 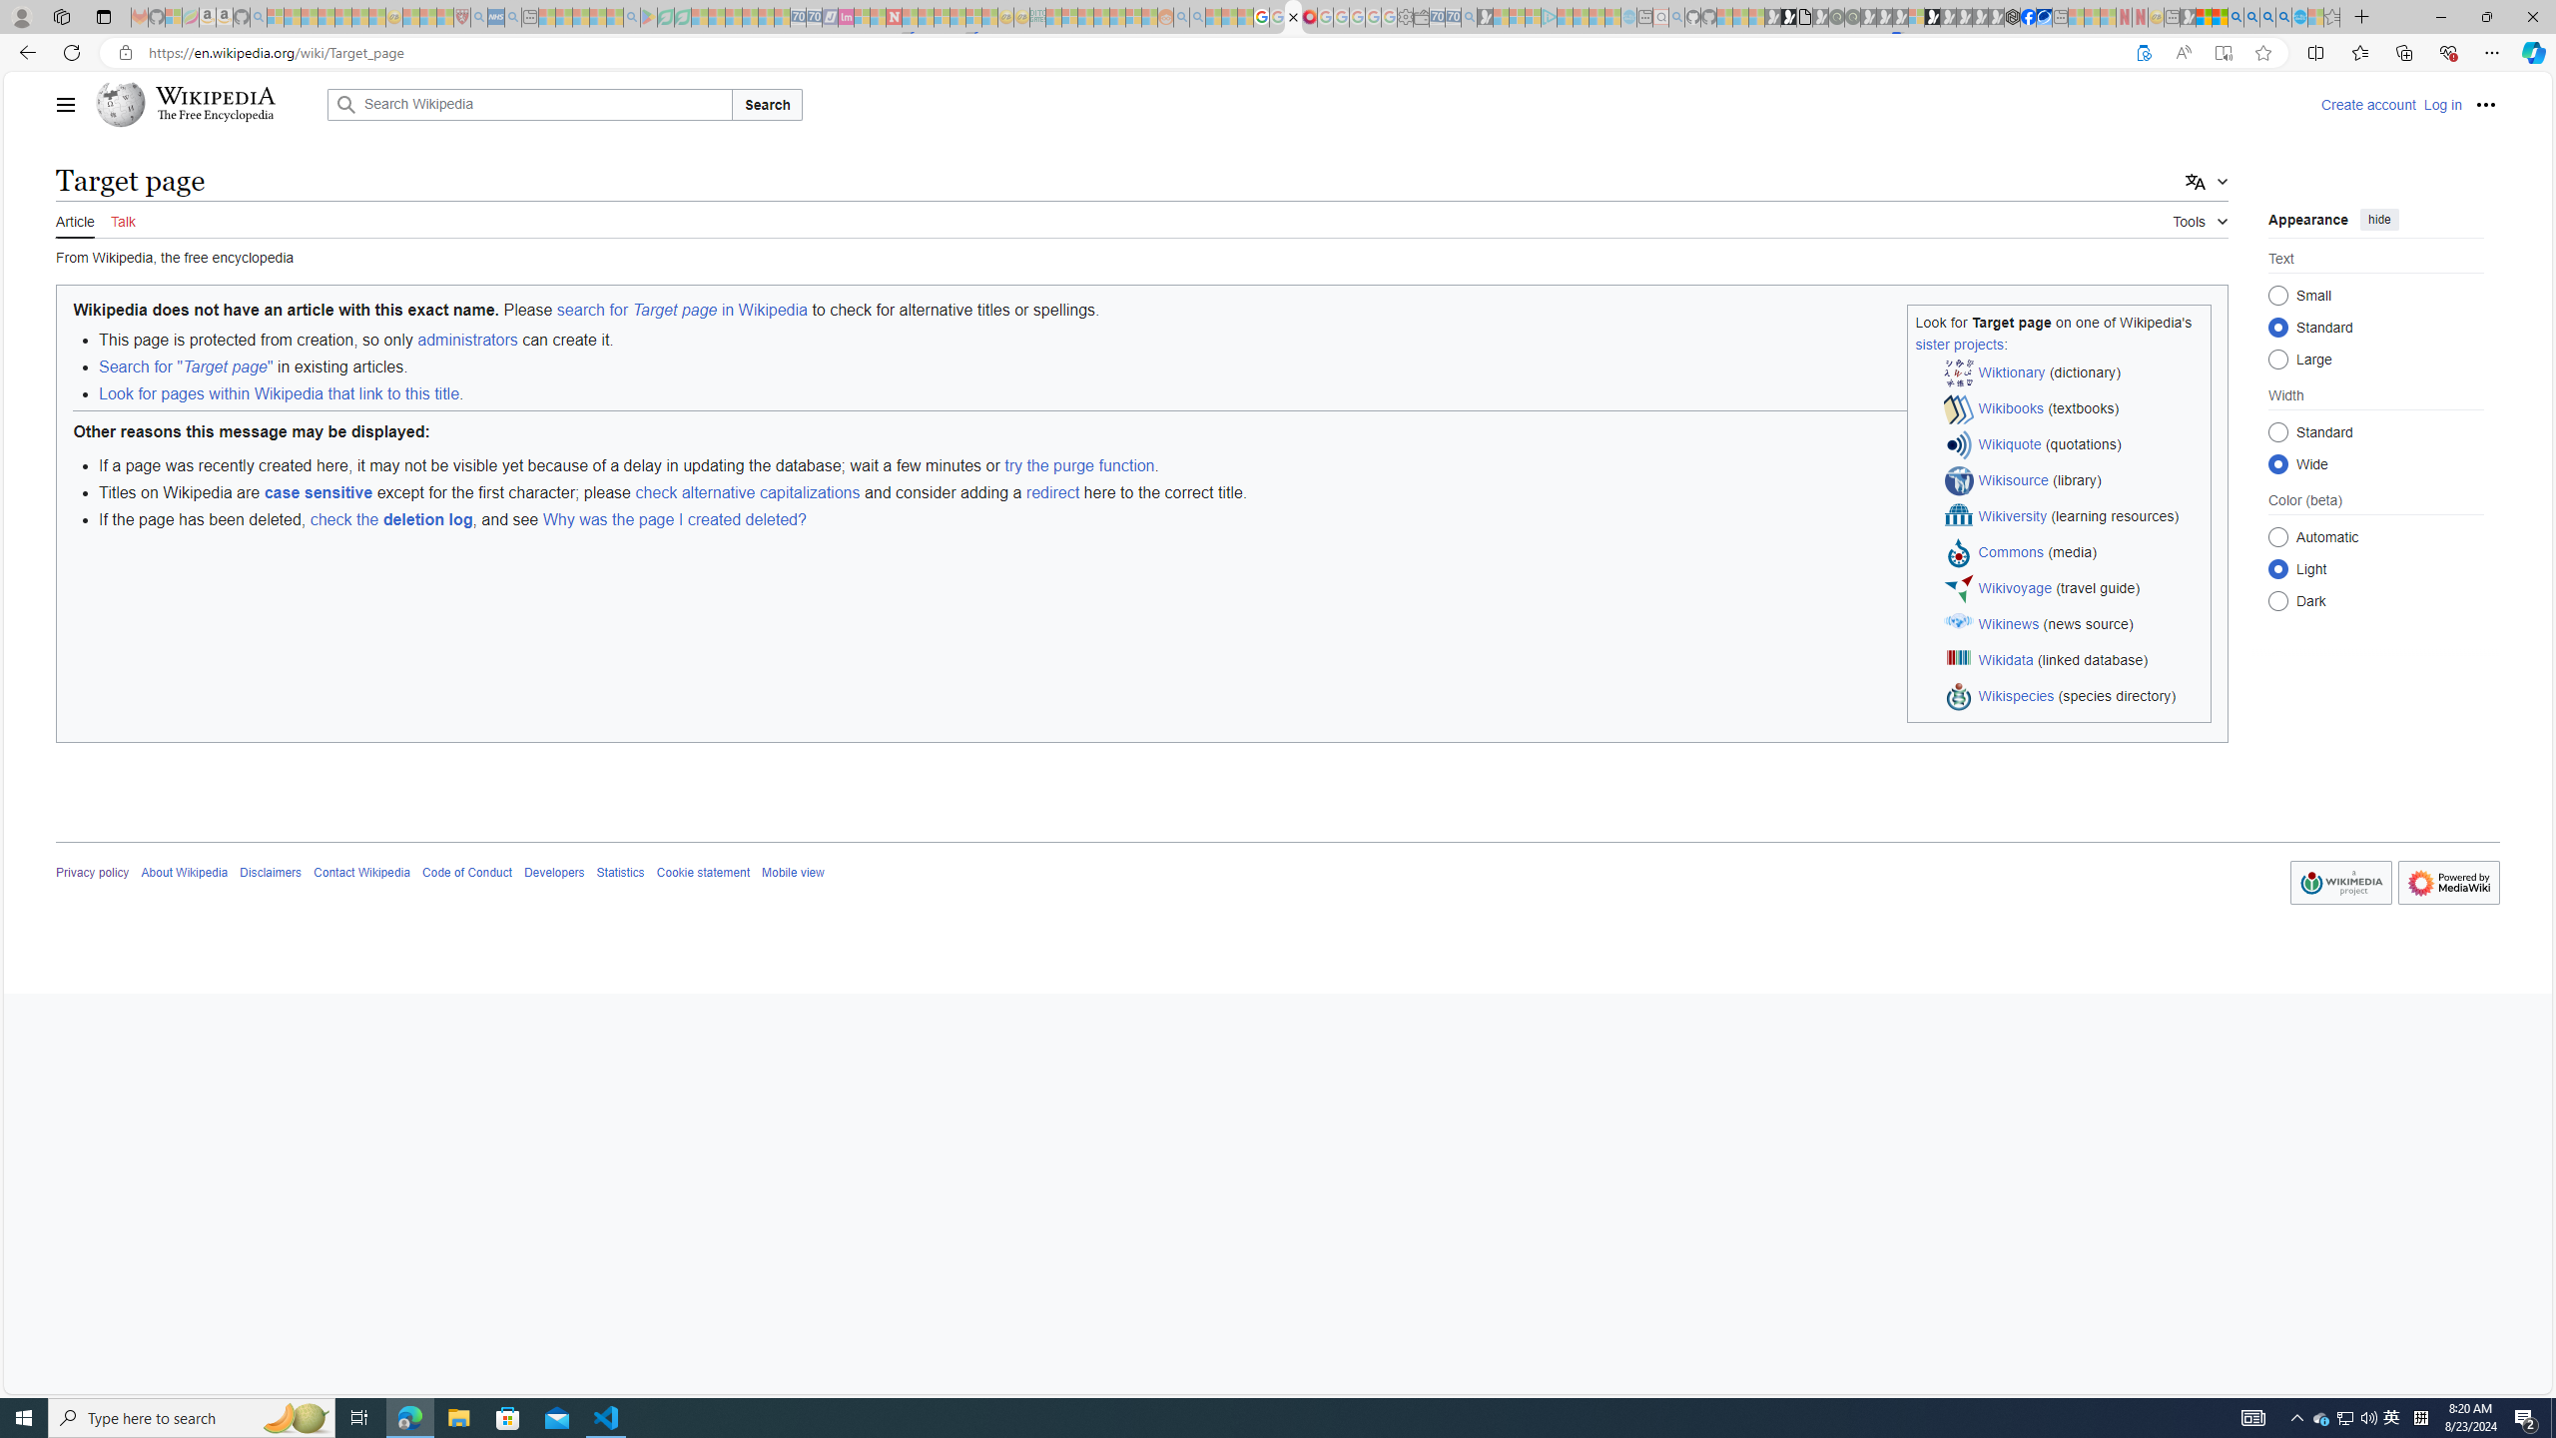 I want to click on 'Mobile view', so click(x=793, y=872).